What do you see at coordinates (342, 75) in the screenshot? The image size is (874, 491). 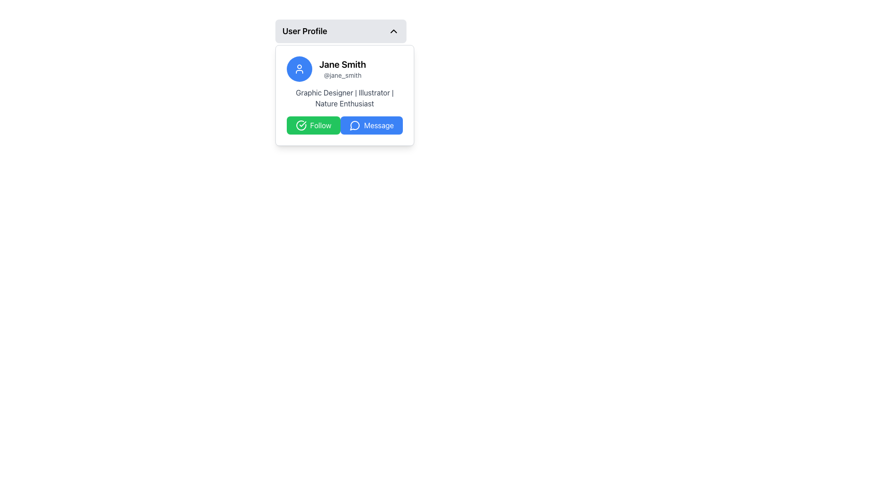 I see `the text label representing the user's handle, which is centrally located below the name 'Jane Smith' in the user profile card` at bounding box center [342, 75].